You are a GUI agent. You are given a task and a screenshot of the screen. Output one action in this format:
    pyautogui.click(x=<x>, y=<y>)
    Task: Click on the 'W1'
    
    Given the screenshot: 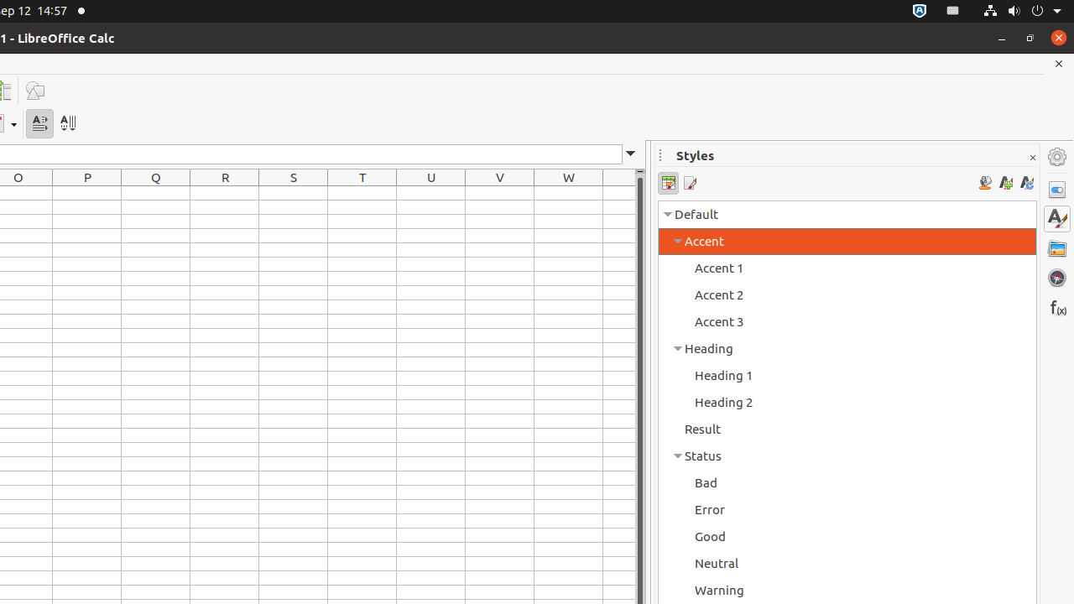 What is the action you would take?
    pyautogui.click(x=569, y=192)
    